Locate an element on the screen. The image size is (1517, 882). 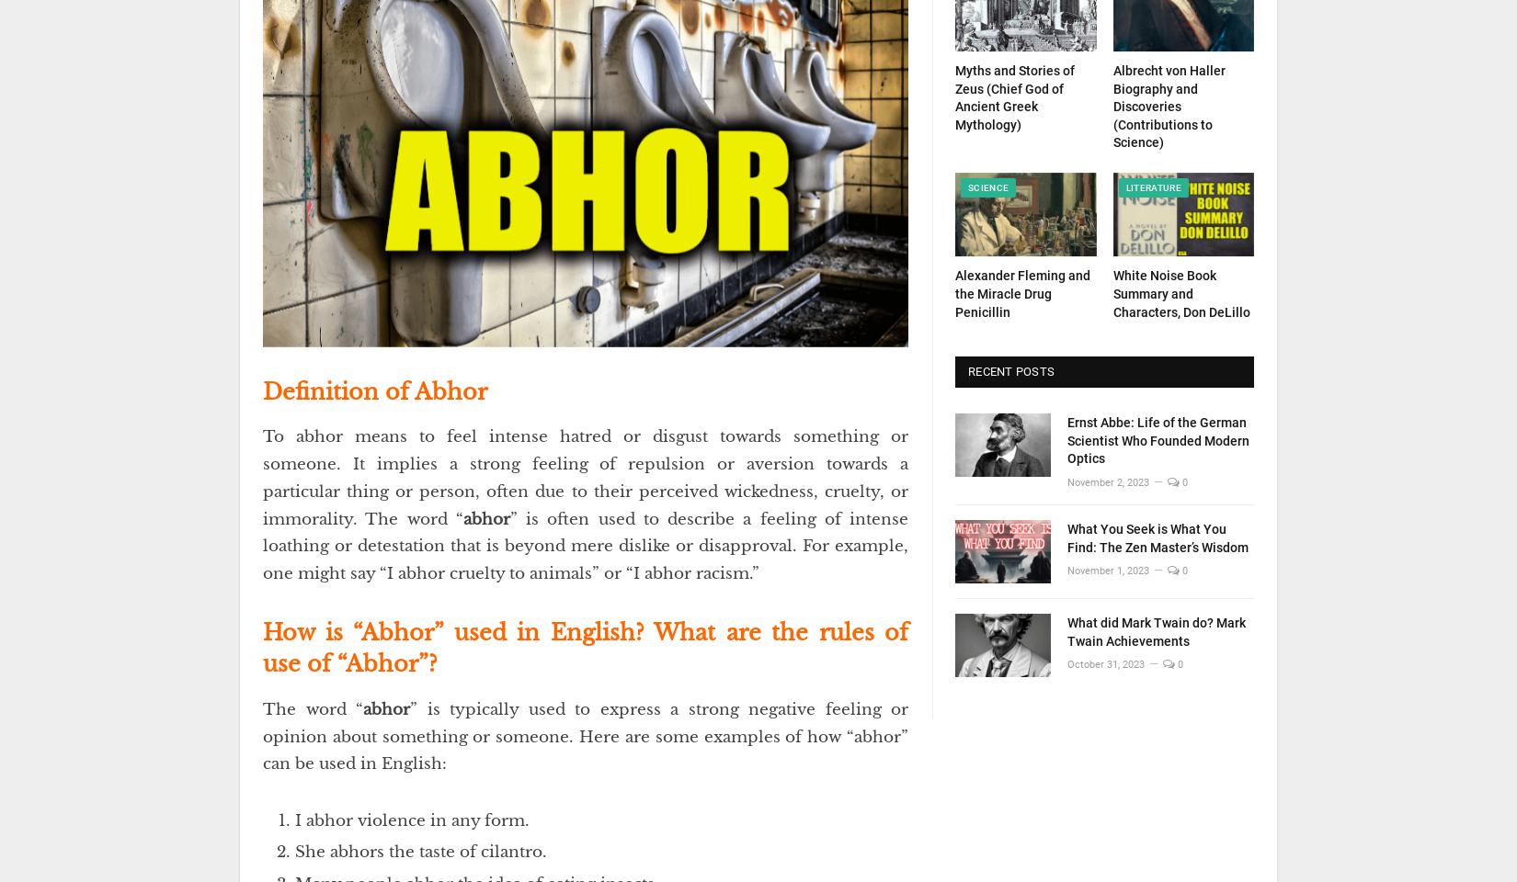
'Ernst Abbe: Life of the German Scientist Who Founded Modern Optics' is located at coordinates (1066, 440).